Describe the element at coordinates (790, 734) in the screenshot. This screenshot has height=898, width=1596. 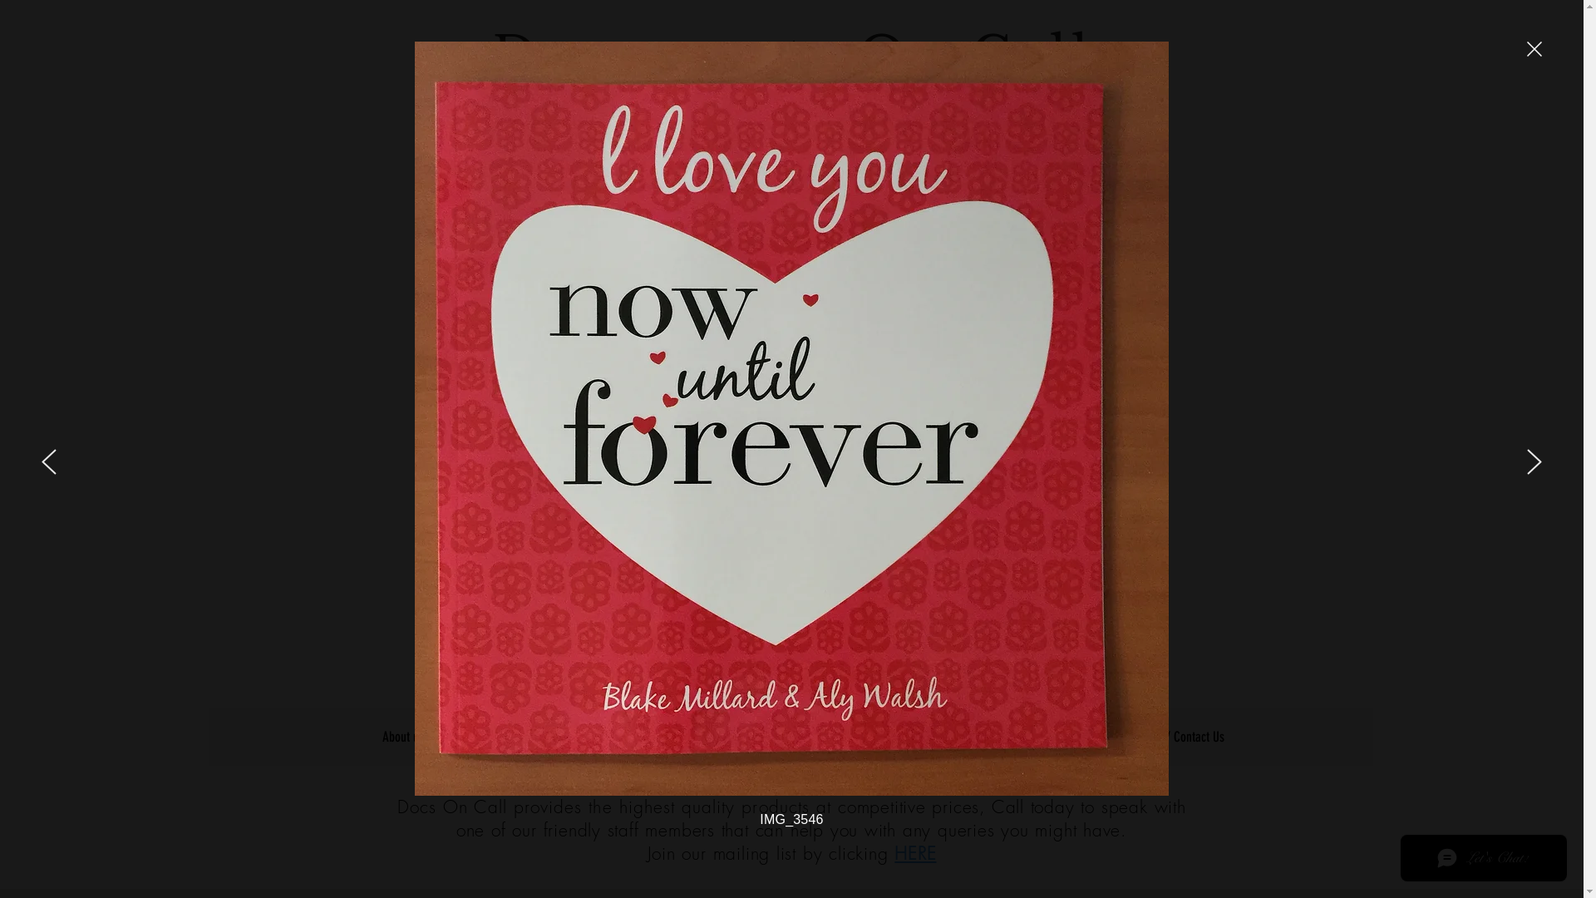
I see `'What's New?'` at that location.